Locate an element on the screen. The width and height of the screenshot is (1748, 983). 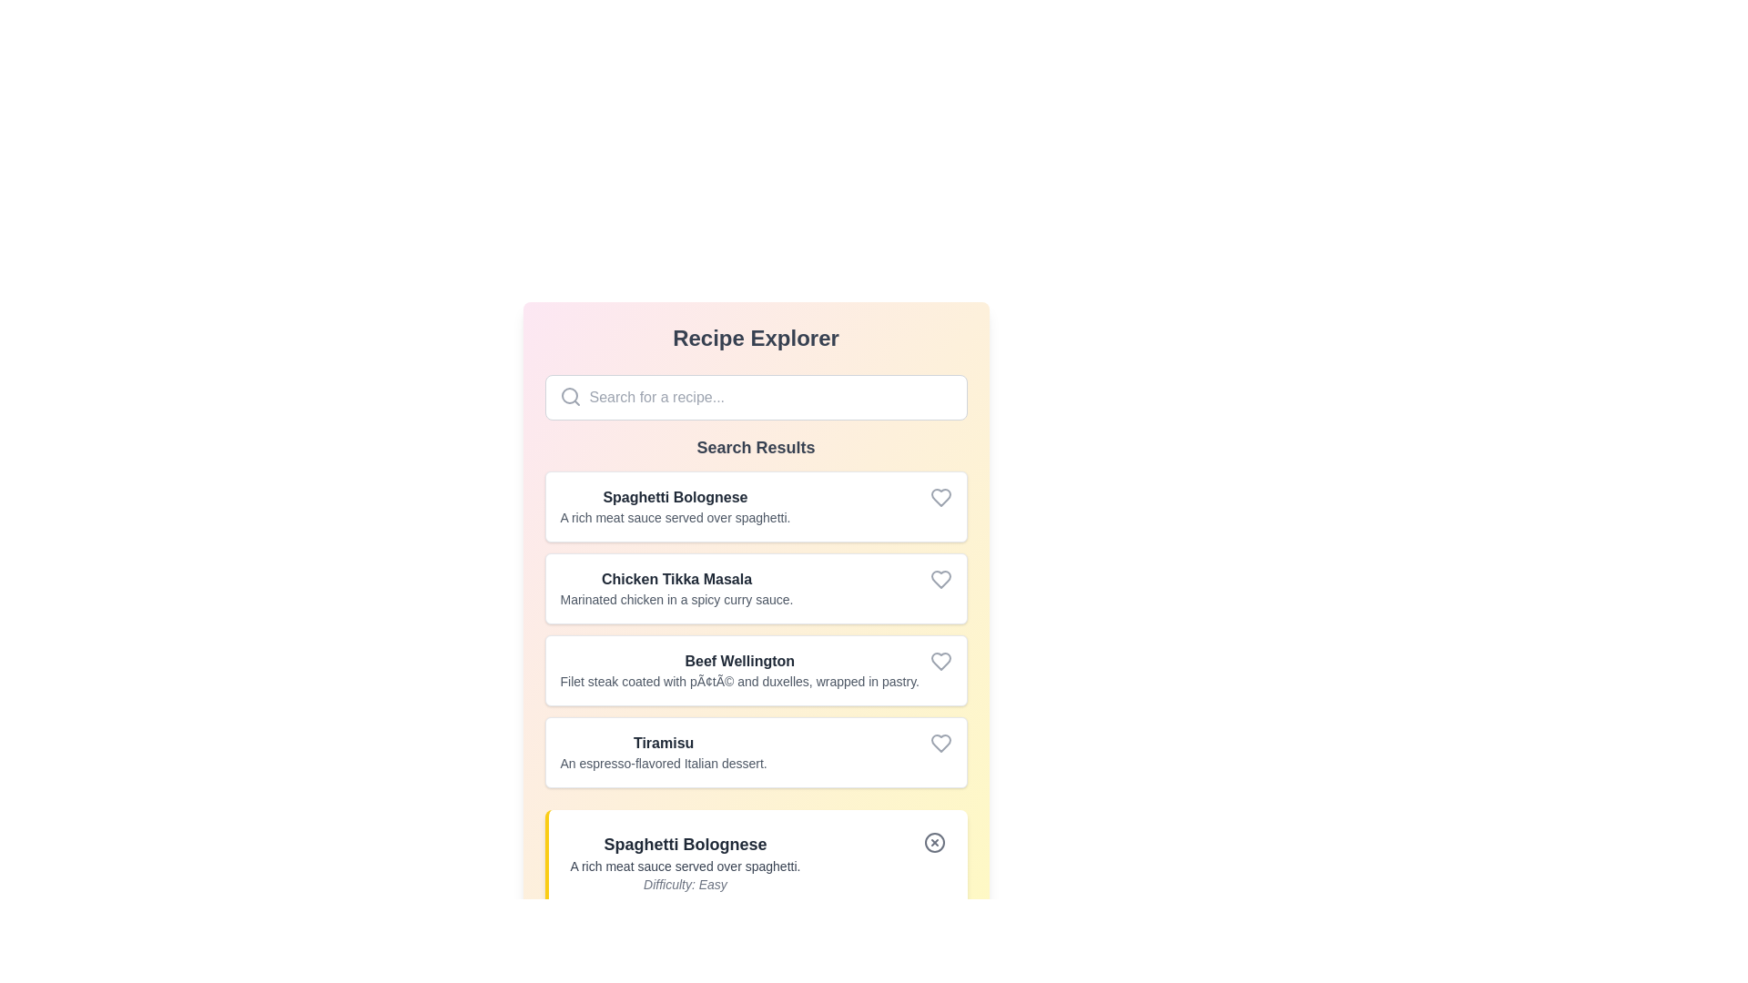
the favorite icon button located in the top-right corner of the card for 'Chicken Tikka Masala' is located at coordinates (940, 579).